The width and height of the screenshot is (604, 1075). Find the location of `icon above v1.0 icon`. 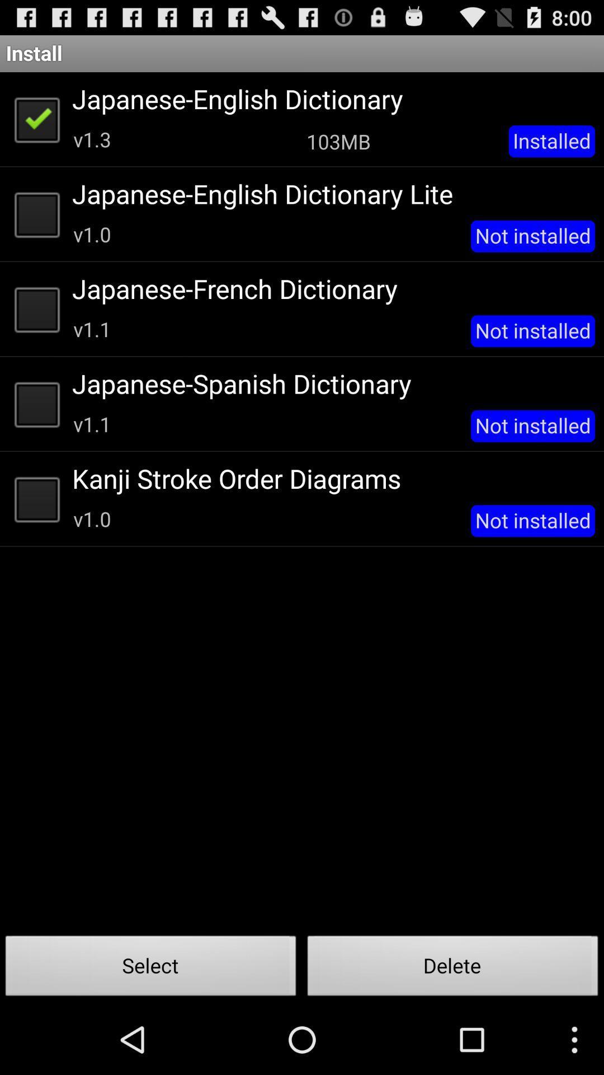

icon above v1.0 icon is located at coordinates (329, 478).